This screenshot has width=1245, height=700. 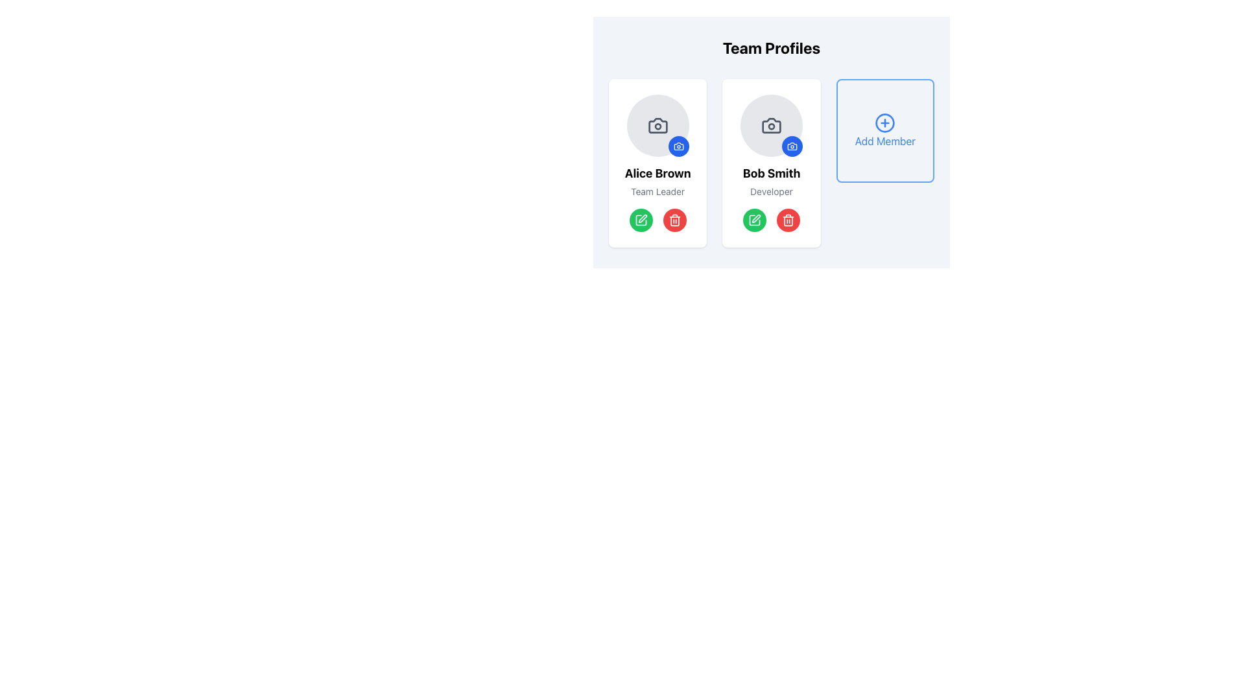 I want to click on the 'Add Member' button located in the 'Team Profiles' section, so click(x=884, y=122).